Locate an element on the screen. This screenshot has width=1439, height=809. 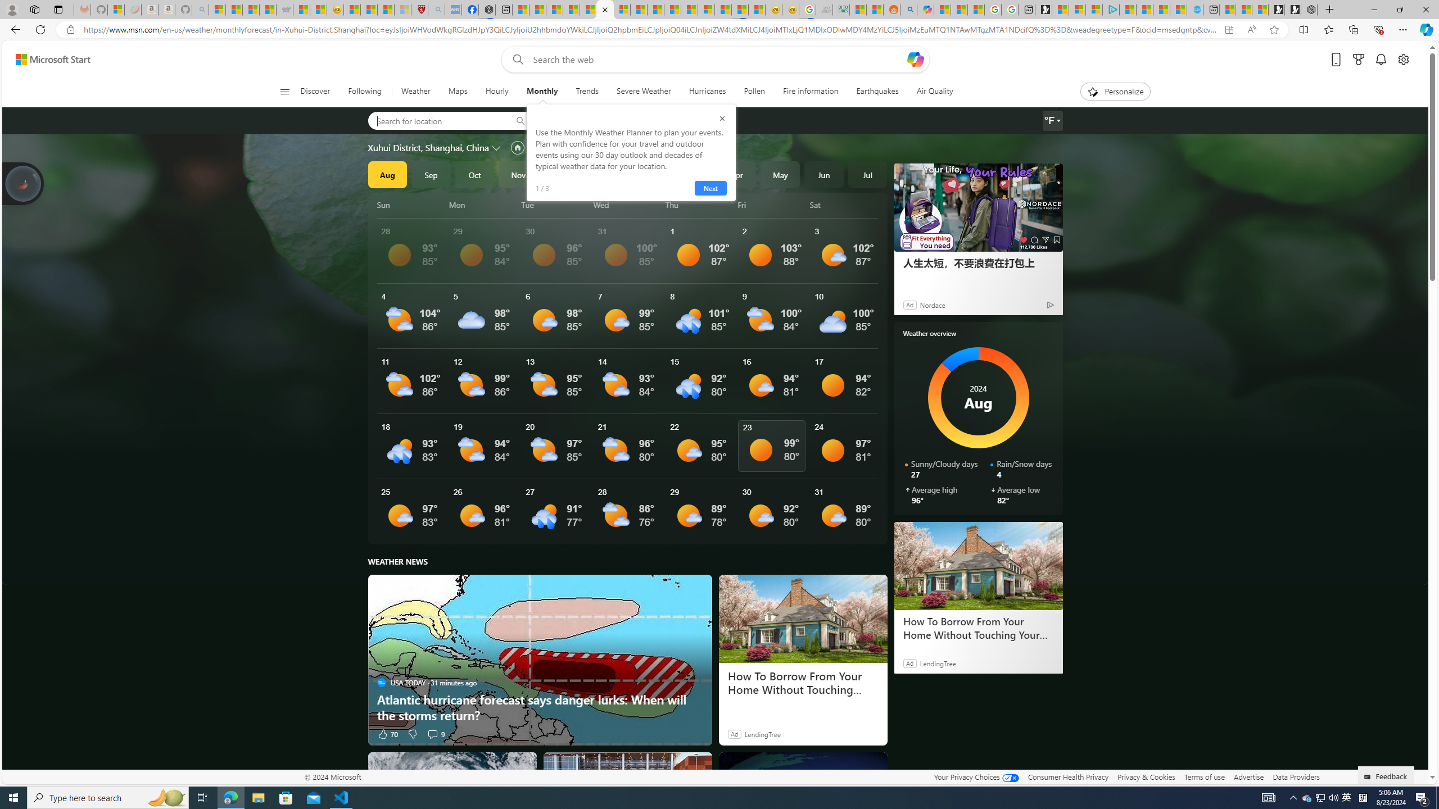
'Set as primary location' is located at coordinates (517, 147).